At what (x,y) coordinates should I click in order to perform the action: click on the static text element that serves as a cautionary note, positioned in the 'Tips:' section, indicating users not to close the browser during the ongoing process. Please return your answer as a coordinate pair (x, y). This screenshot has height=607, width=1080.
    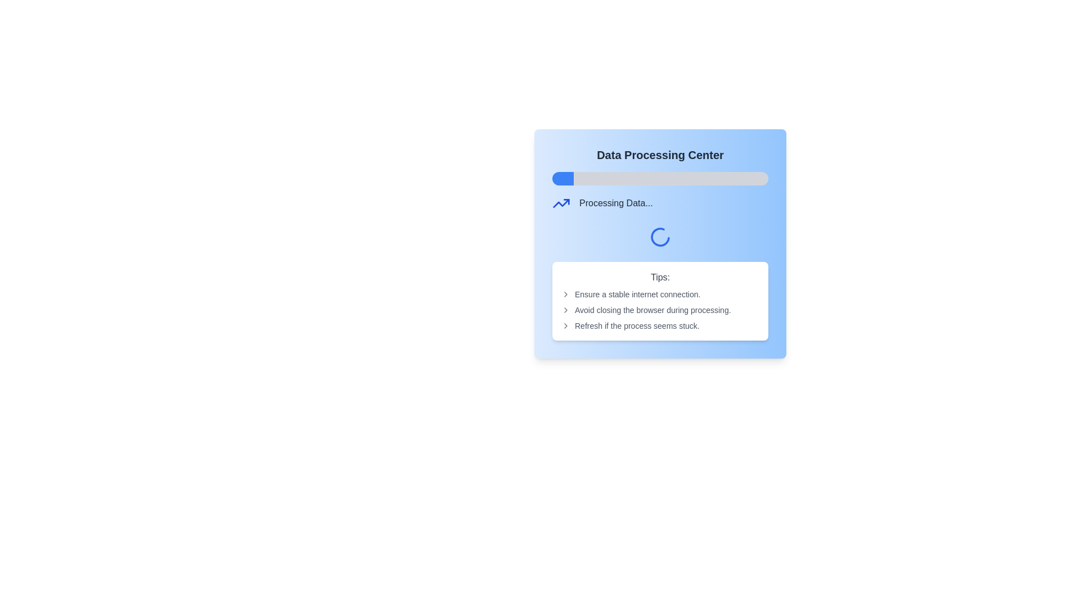
    Looking at the image, I should click on (660, 310).